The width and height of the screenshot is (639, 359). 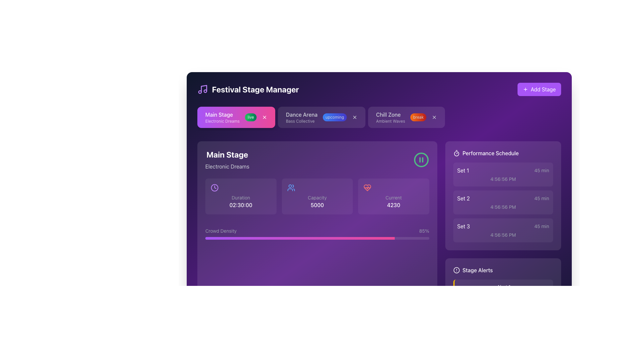 I want to click on the Close icon located at the far right of the 'Dance Arena' entry under 'Bass Collective', so click(x=354, y=117).